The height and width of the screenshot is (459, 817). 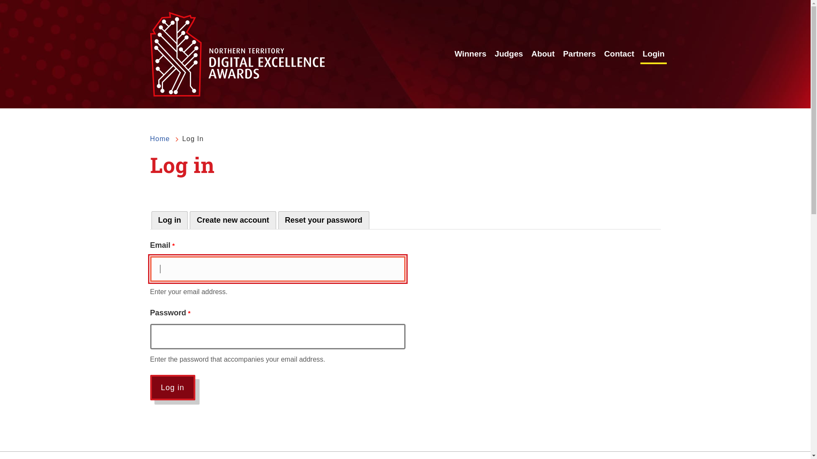 What do you see at coordinates (619, 54) in the screenshot?
I see `'Contact'` at bounding box center [619, 54].